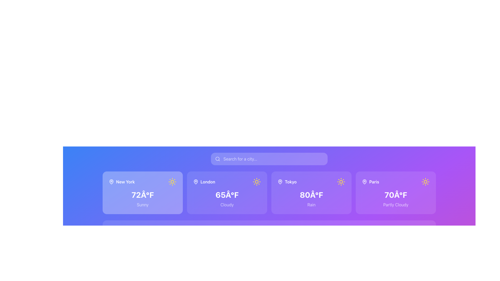 The width and height of the screenshot is (500, 281). I want to click on the 'New York' label with a location pin icon, which is prominently displayed in the top-left section of the first city weather card, so click(121, 181).